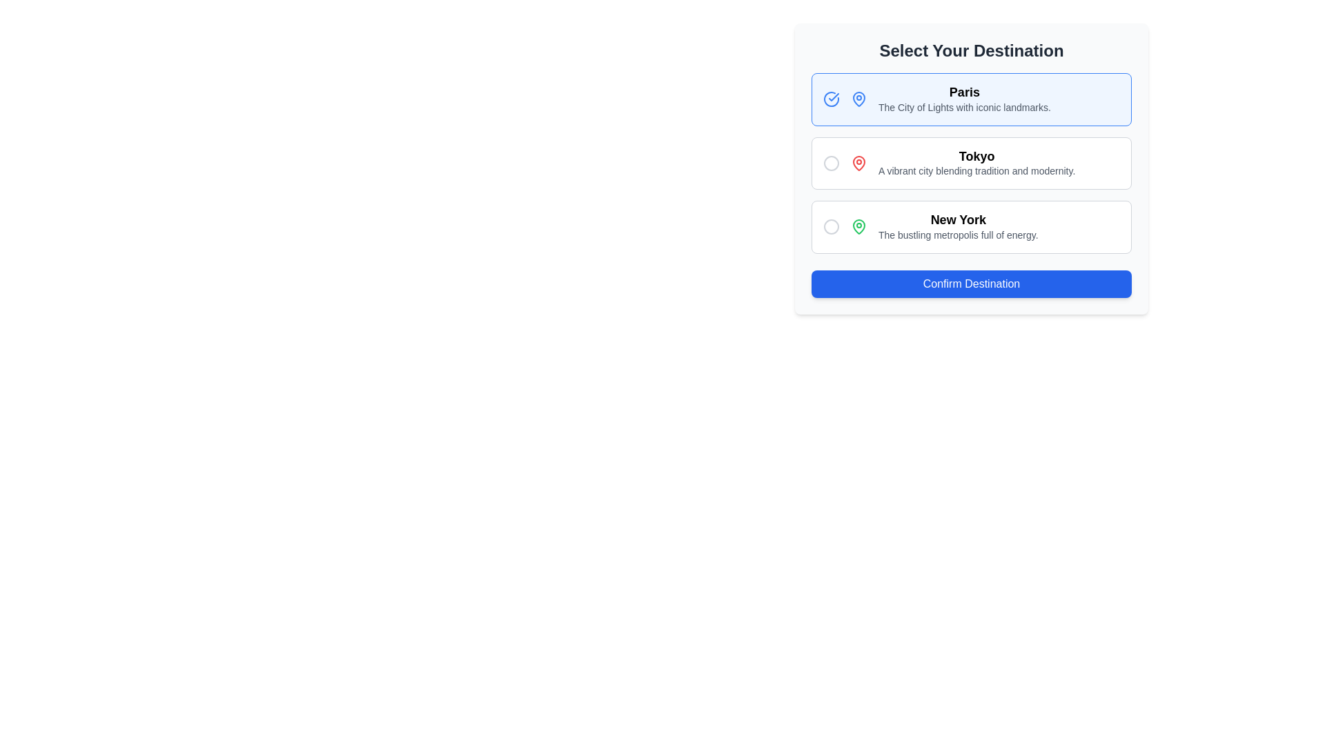 Image resolution: width=1325 pixels, height=745 pixels. What do you see at coordinates (957, 219) in the screenshot?
I see `the 'New York' text element, which is styled in bold and larger font as a header under the 'Select Your Destination' form` at bounding box center [957, 219].